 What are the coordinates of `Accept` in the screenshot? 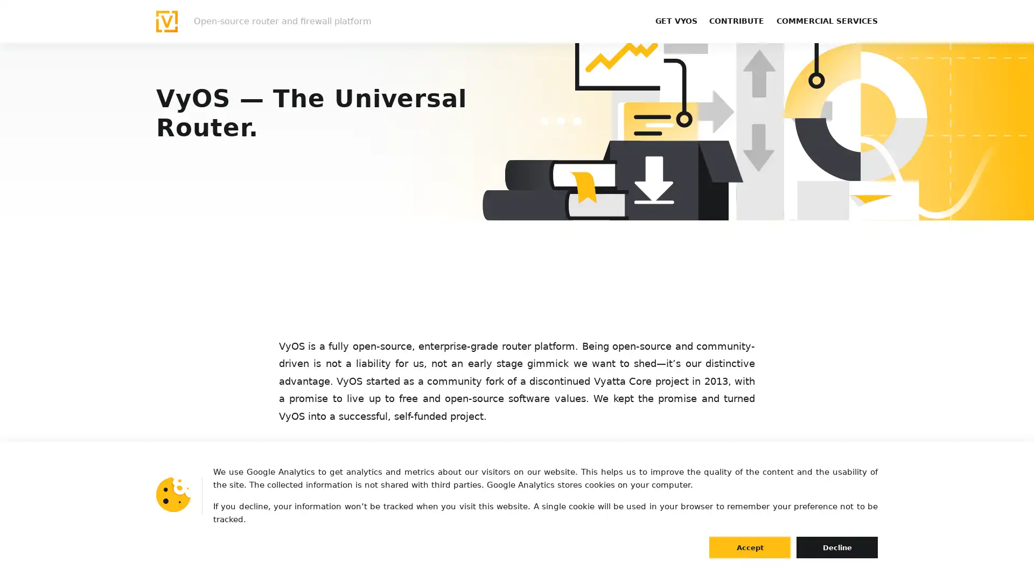 It's located at (749, 547).